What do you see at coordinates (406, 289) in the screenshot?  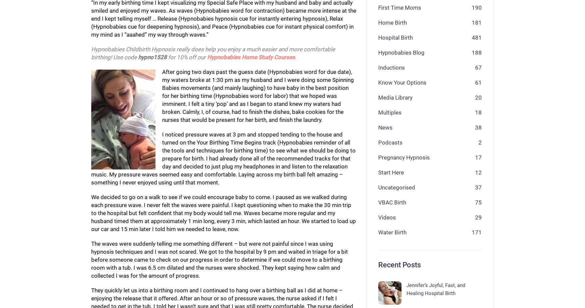 I see `'Jennifer’s Joyful, Fast, and Healing Hospital Birth'` at bounding box center [406, 289].